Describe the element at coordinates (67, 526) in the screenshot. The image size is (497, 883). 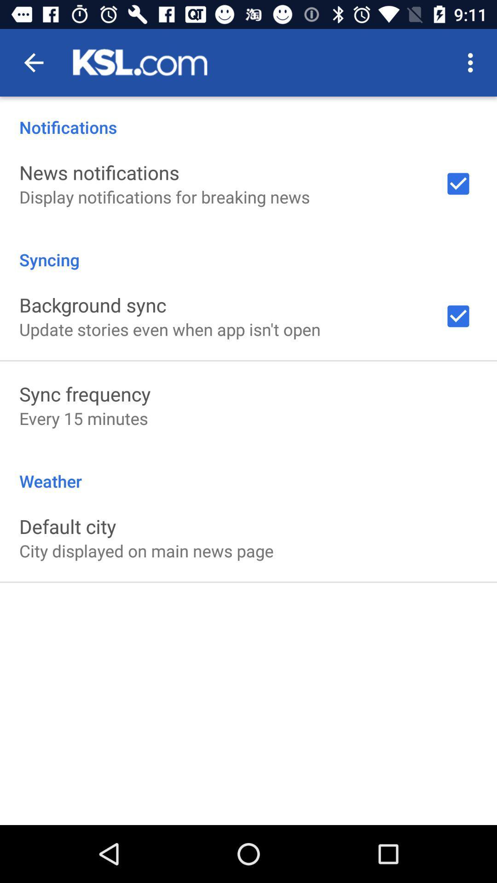
I see `the default city item` at that location.